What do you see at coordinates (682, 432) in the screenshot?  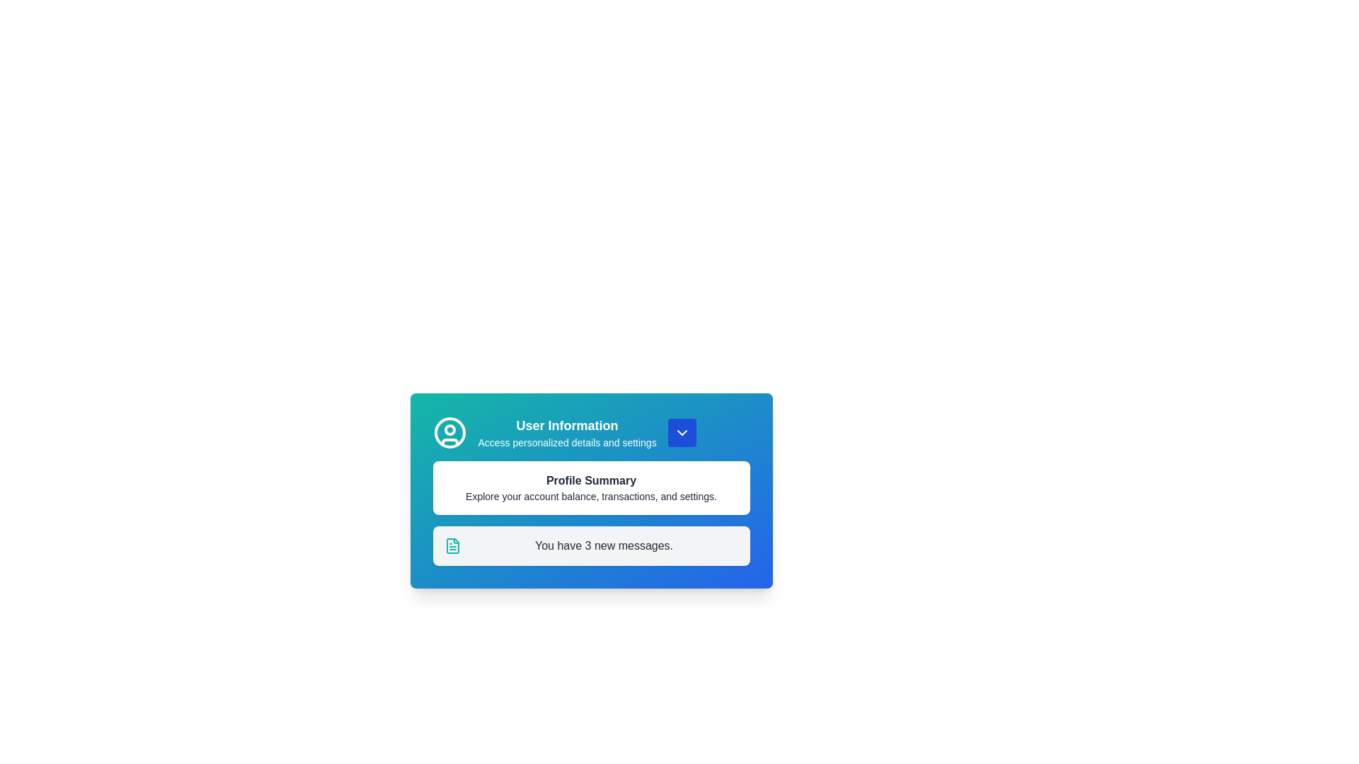 I see `the downward-pointing chevron icon with a blue background and white strokes, located in the top-right corner of the user information card` at bounding box center [682, 432].